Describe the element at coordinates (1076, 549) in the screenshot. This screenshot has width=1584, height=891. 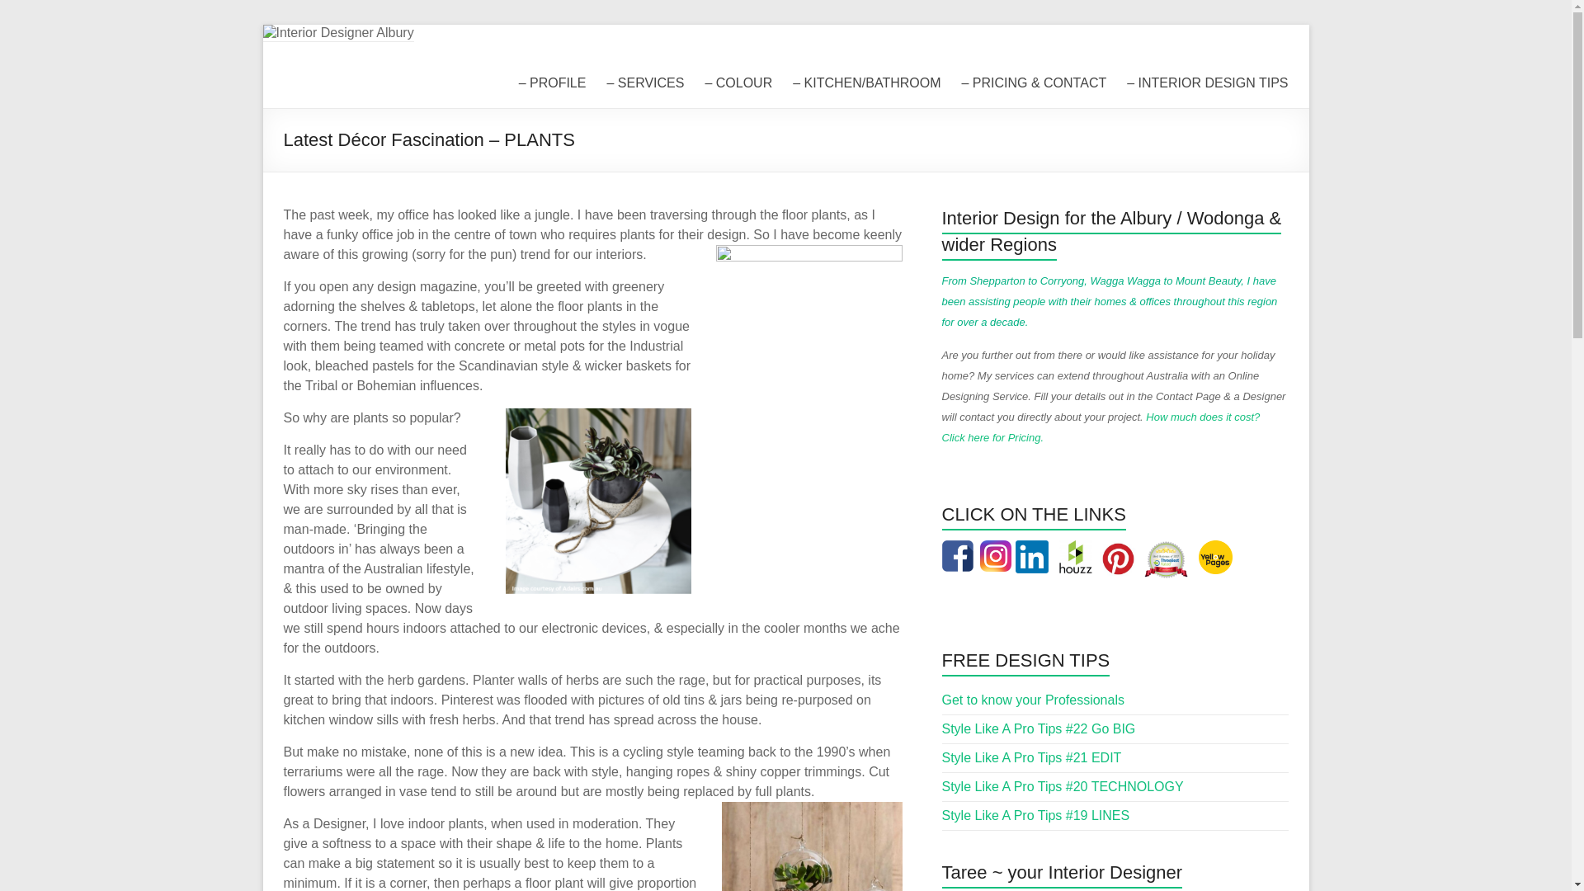
I see `'    '` at that location.